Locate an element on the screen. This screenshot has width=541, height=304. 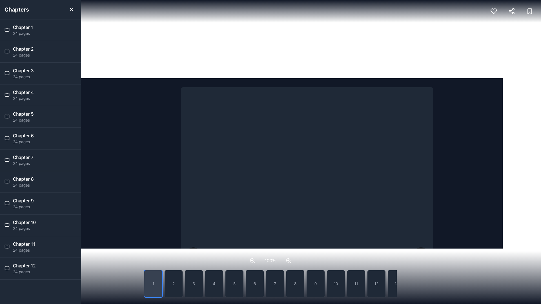
the second sub-component of the chapter icon in the navigation panel is located at coordinates (7, 182).